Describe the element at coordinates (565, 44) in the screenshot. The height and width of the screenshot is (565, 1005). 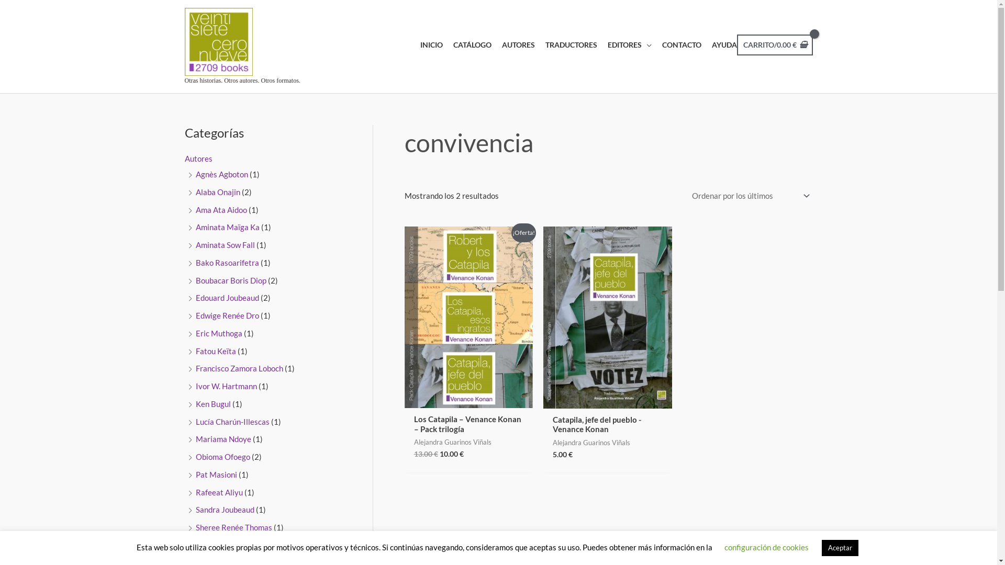
I see `'TRADUCTORES'` at that location.